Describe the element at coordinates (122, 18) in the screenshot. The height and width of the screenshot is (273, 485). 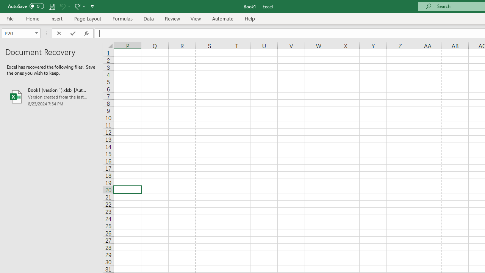
I see `'Formulas'` at that location.